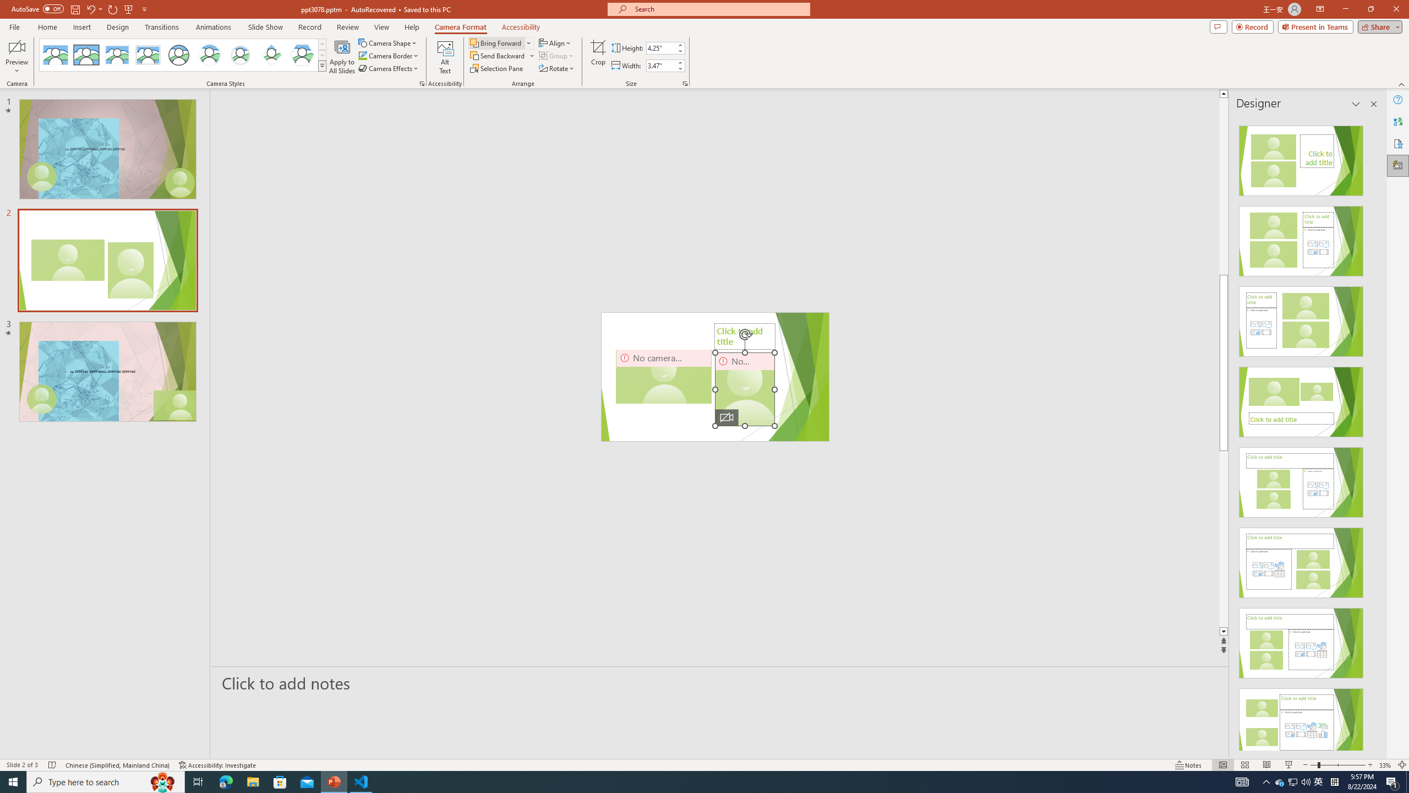 This screenshot has height=793, width=1409. I want to click on 'Simple Frame Rectangle', so click(85, 55).